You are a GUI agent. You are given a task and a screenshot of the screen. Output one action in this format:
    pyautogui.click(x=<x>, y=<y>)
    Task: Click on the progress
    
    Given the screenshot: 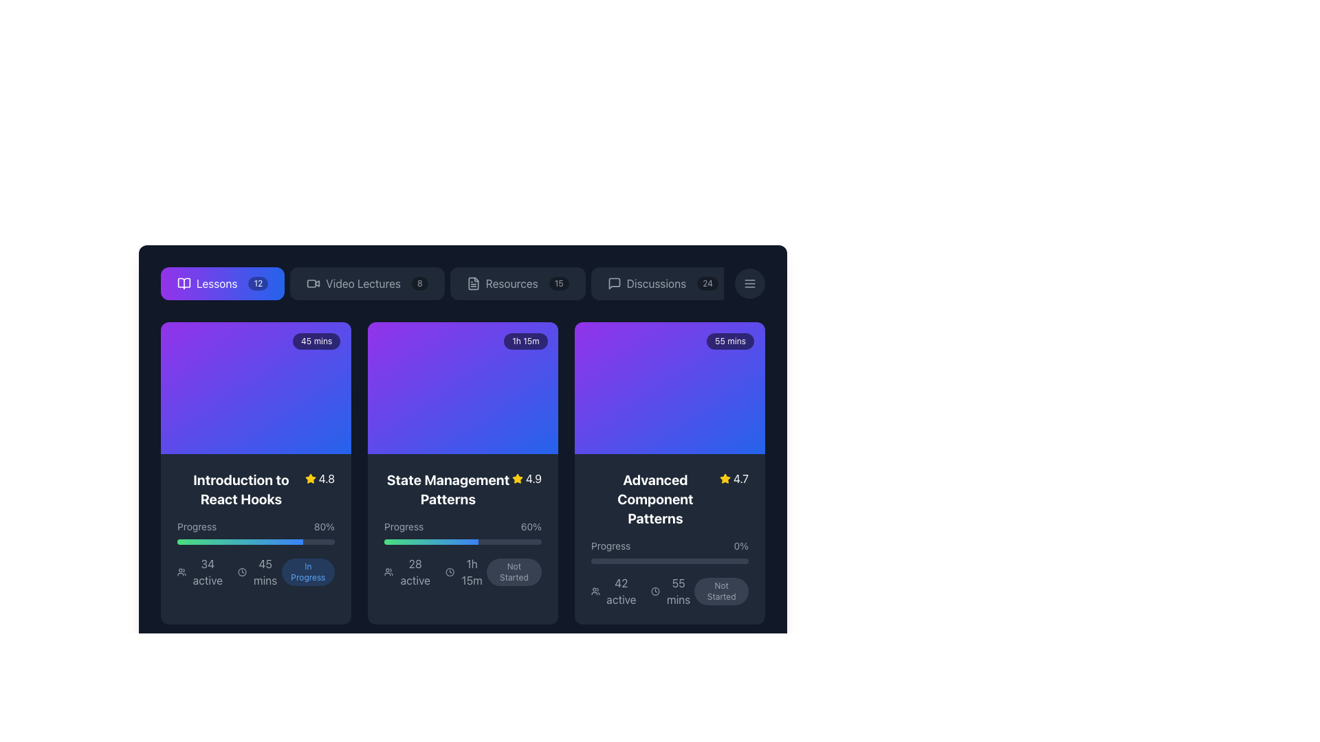 What is the action you would take?
    pyautogui.click(x=269, y=541)
    